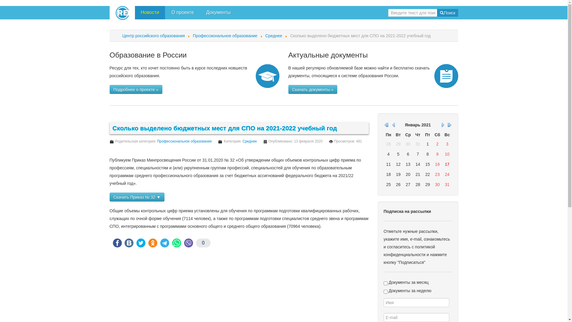 Image resolution: width=572 pixels, height=322 pixels. I want to click on '0', so click(203, 243).